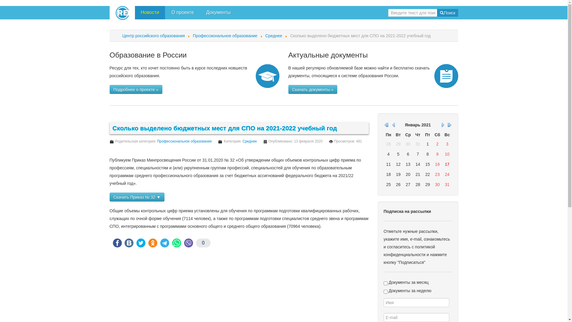 Image resolution: width=572 pixels, height=322 pixels. I want to click on '0', so click(203, 243).